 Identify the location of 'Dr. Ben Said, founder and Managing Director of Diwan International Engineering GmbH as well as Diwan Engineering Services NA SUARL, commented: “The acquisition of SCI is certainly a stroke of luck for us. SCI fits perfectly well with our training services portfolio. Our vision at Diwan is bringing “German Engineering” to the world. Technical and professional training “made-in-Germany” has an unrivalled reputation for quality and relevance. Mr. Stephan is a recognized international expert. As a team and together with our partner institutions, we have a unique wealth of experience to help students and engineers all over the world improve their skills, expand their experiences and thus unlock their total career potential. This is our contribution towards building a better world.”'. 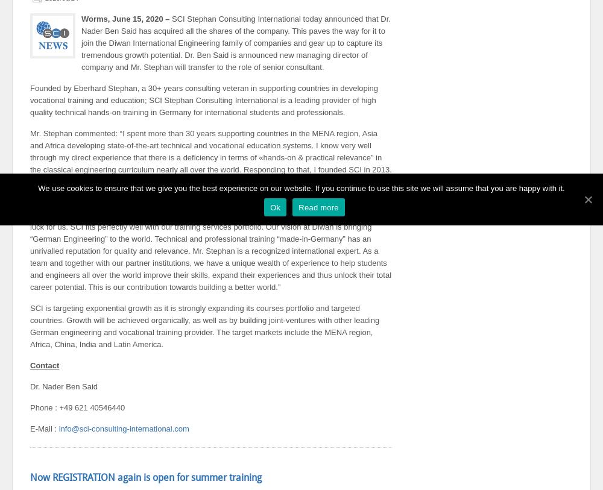
(210, 244).